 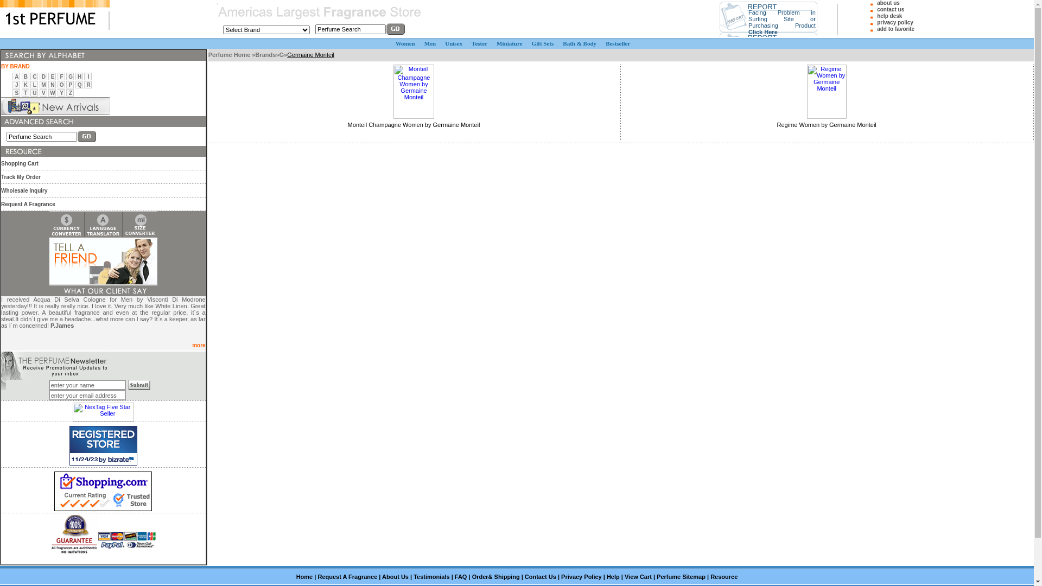 What do you see at coordinates (26, 76) in the screenshot?
I see `'B'` at bounding box center [26, 76].